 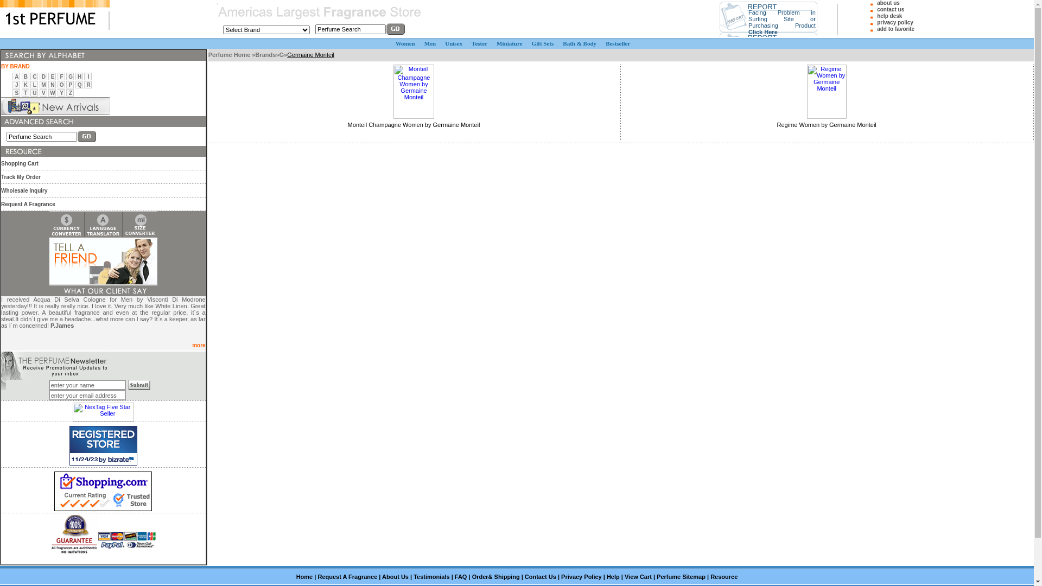 What do you see at coordinates (26, 76) in the screenshot?
I see `'B'` at bounding box center [26, 76].